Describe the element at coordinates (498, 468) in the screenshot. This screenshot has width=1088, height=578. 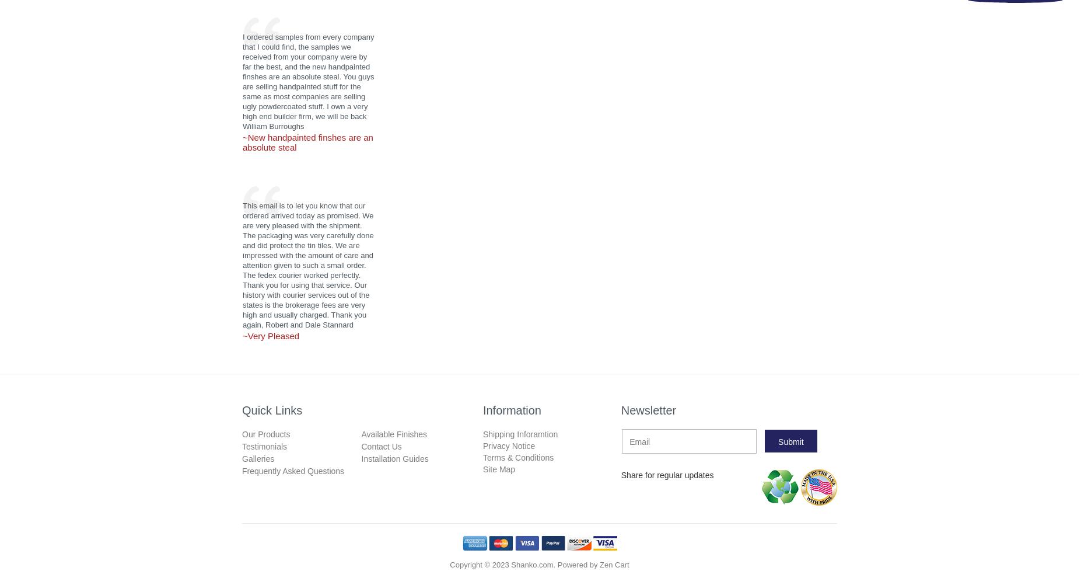
I see `'Site Map'` at that location.